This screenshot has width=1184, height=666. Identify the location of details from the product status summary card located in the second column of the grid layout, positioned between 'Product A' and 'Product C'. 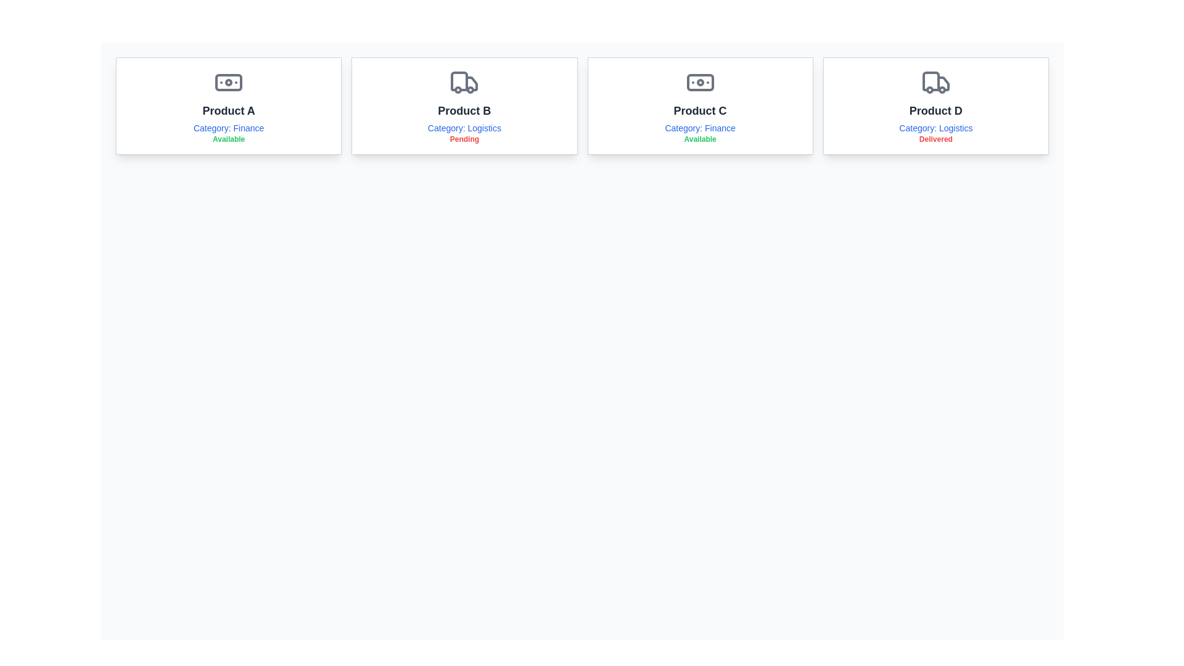
(464, 105).